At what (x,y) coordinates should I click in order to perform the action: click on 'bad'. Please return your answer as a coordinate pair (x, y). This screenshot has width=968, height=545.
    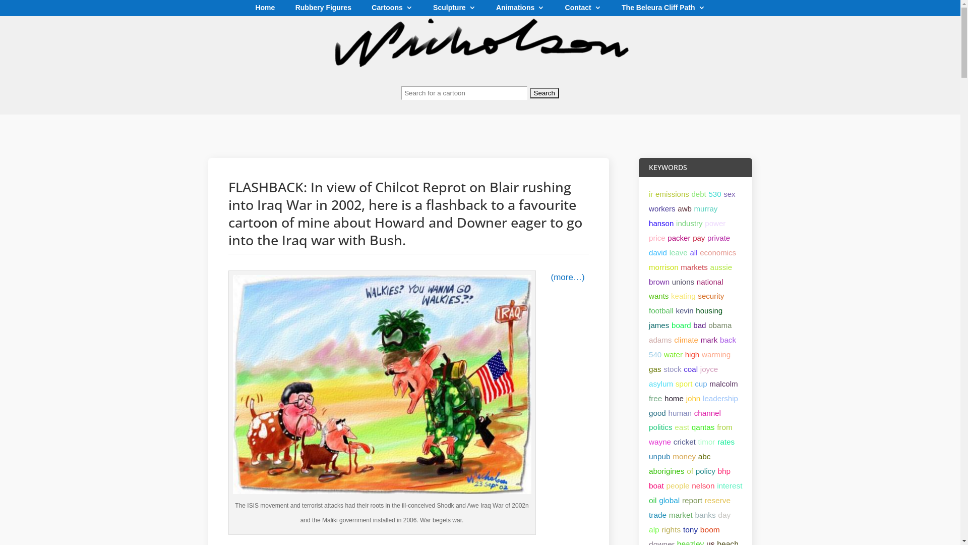
    Looking at the image, I should click on (699, 325).